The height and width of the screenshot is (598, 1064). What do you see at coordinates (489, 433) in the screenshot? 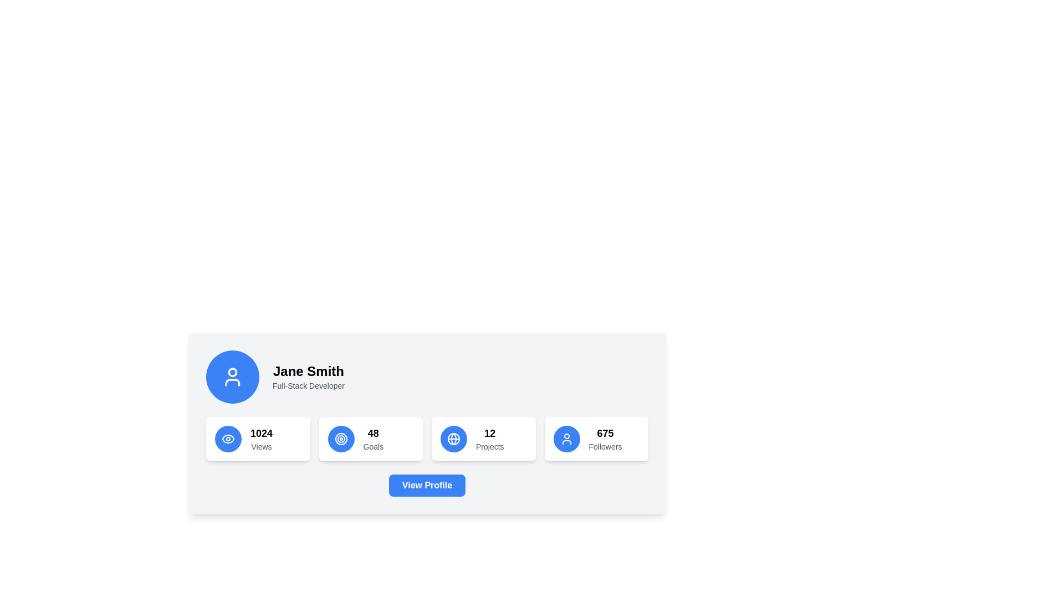
I see `the text display showing the number '12' in a bold font, which is located above the text 'Projects' in the third box from the left` at bounding box center [489, 433].